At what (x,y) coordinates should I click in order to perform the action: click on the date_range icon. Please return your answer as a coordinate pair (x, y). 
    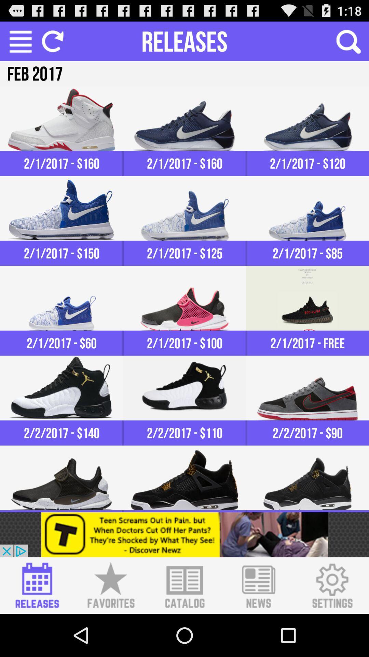
    Looking at the image, I should click on (37, 627).